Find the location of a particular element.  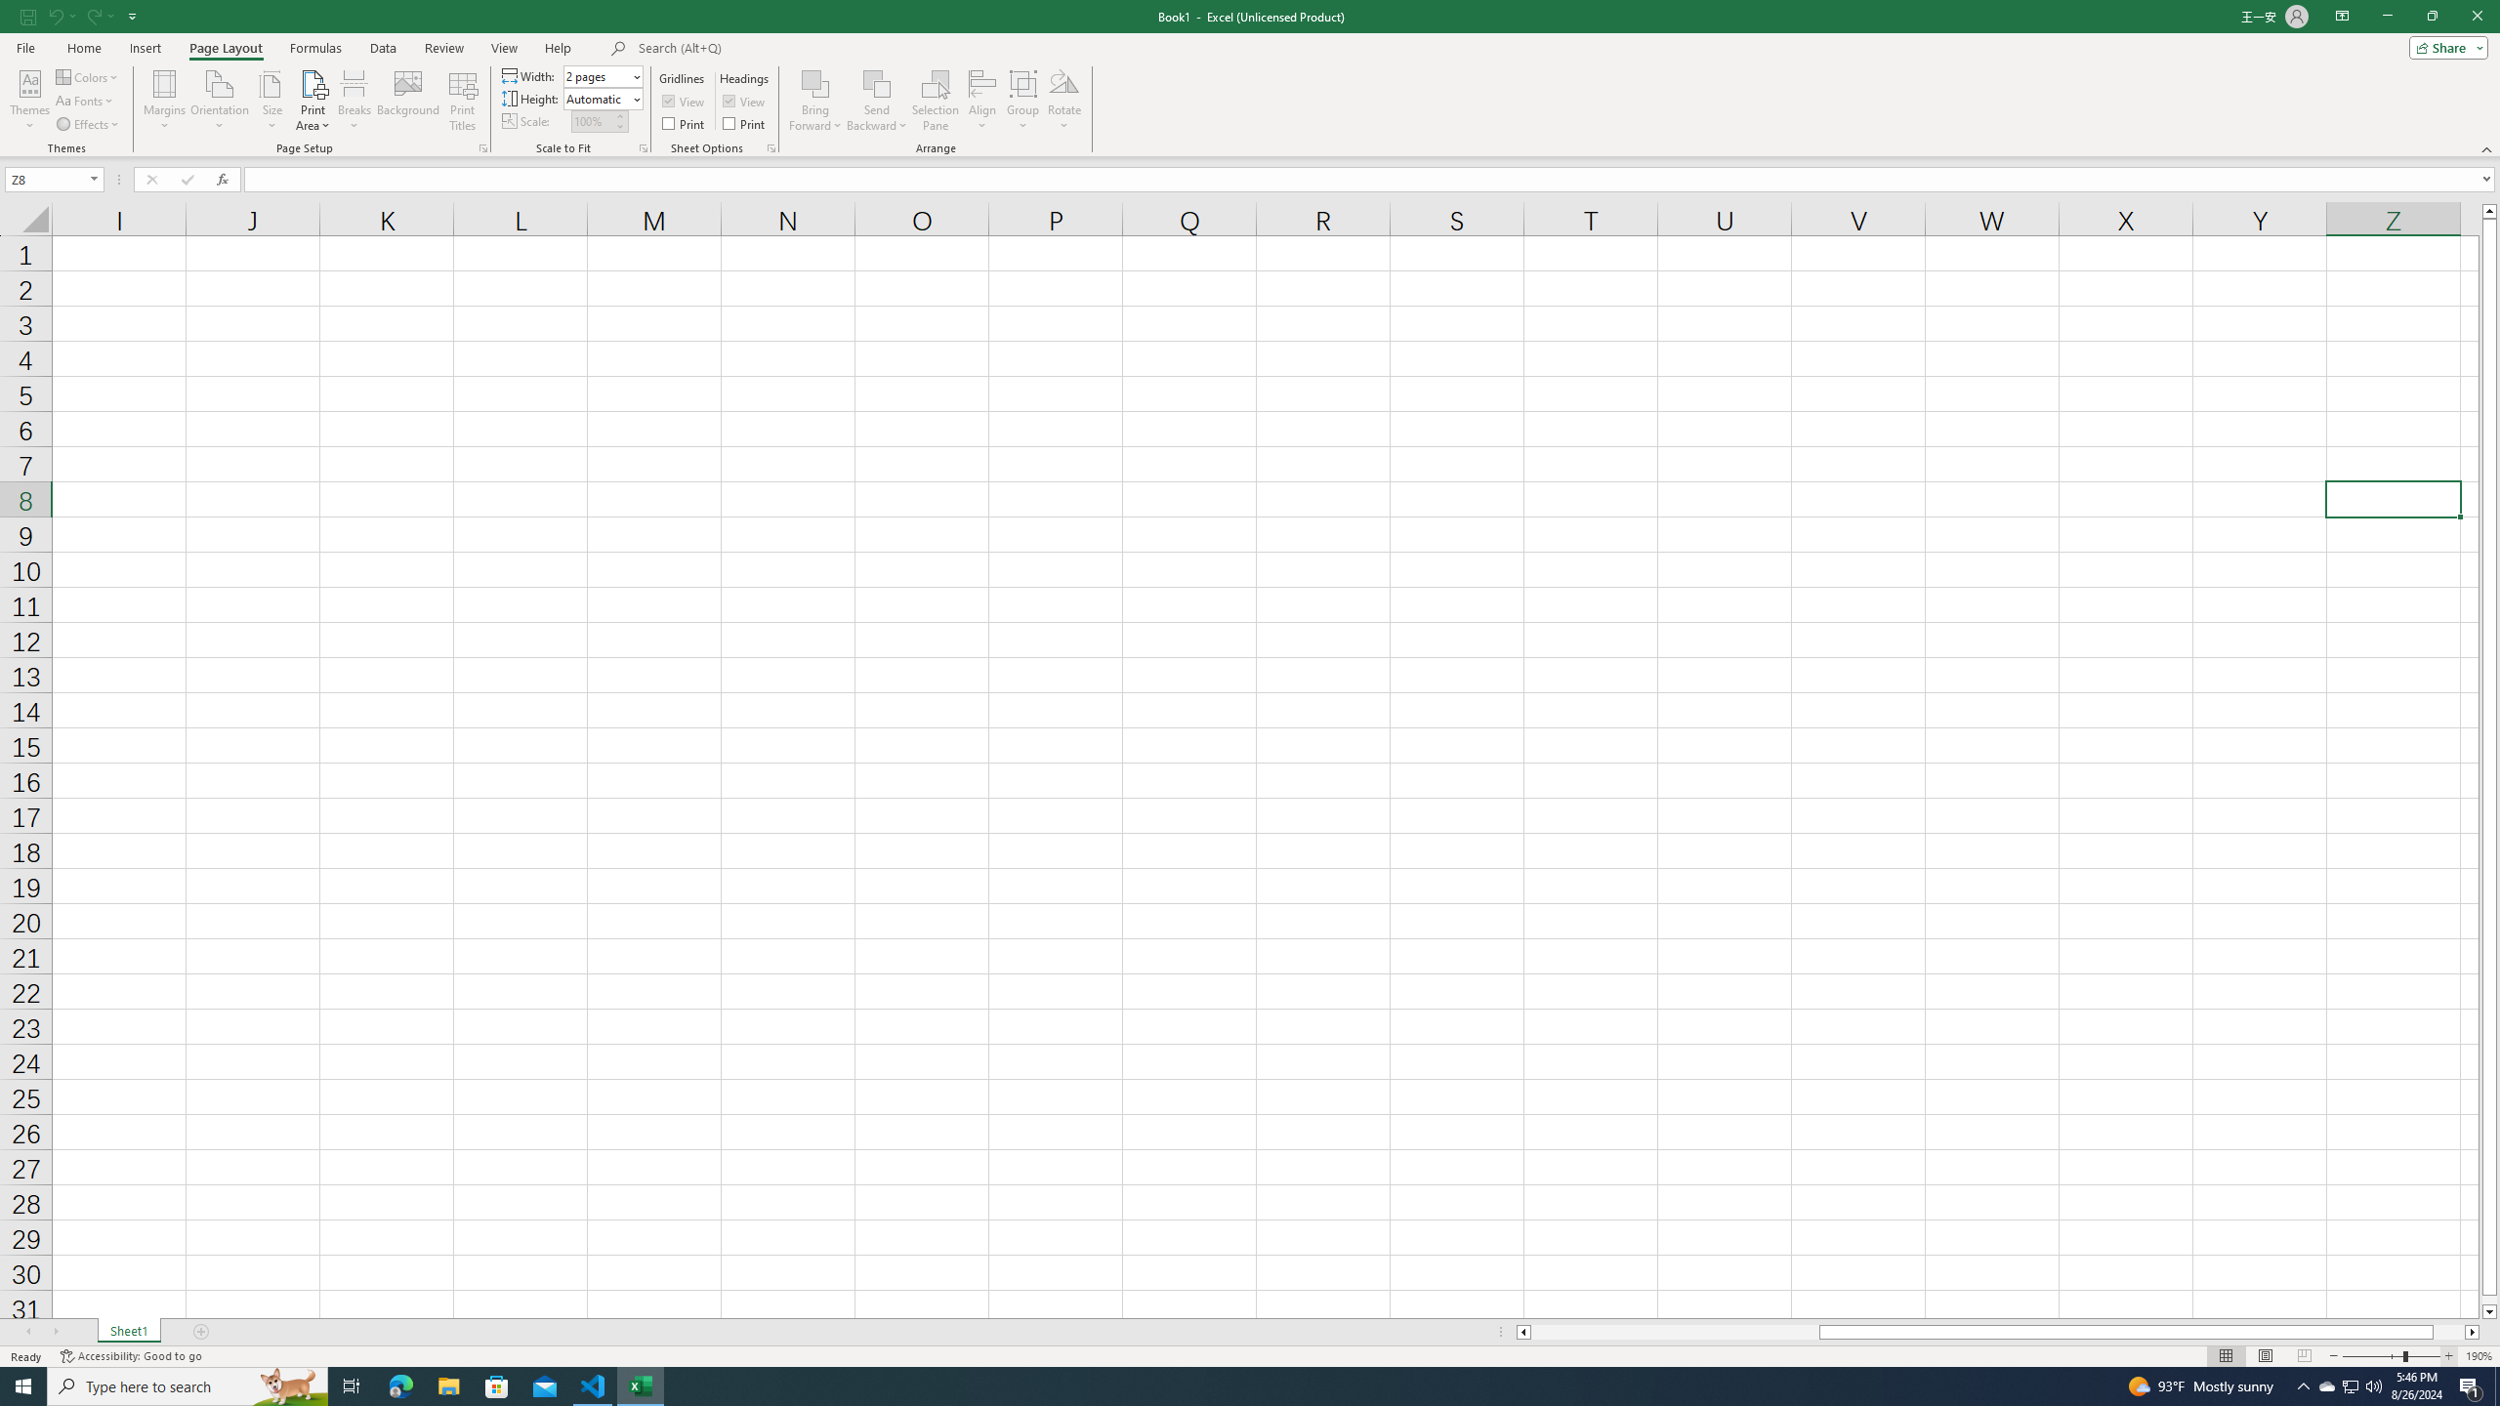

'Minimize' is located at coordinates (2386, 16).